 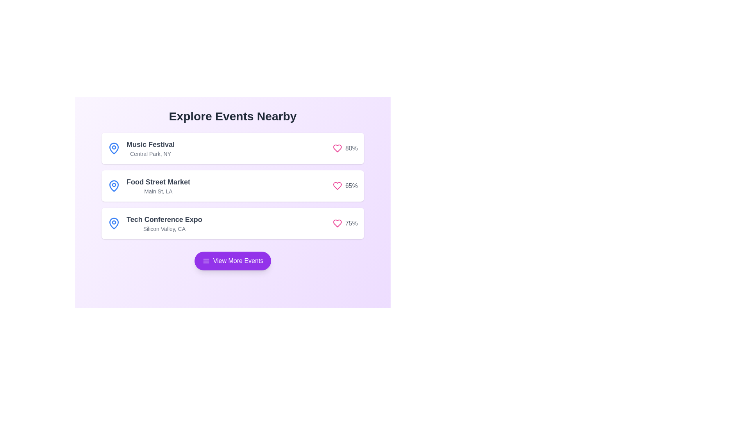 What do you see at coordinates (114, 223) in the screenshot?
I see `the icon representing the geographical focus of the 'Tech Conference Expo' event, located at the top-left of the 'Tech Conference Expo' block adjacent to its title` at bounding box center [114, 223].